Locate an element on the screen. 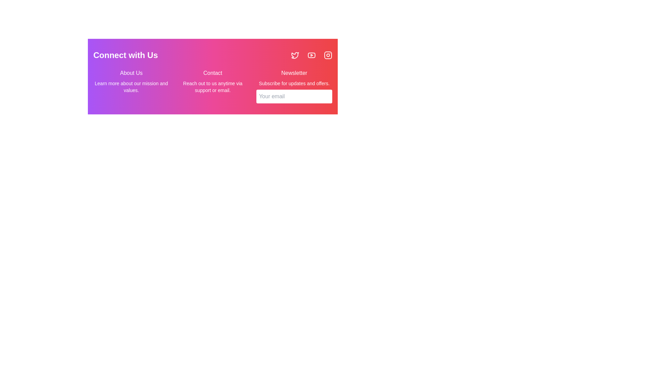  the white Instagram icon with a rounded square shape and a dot in the top-right corner is located at coordinates (327, 55).